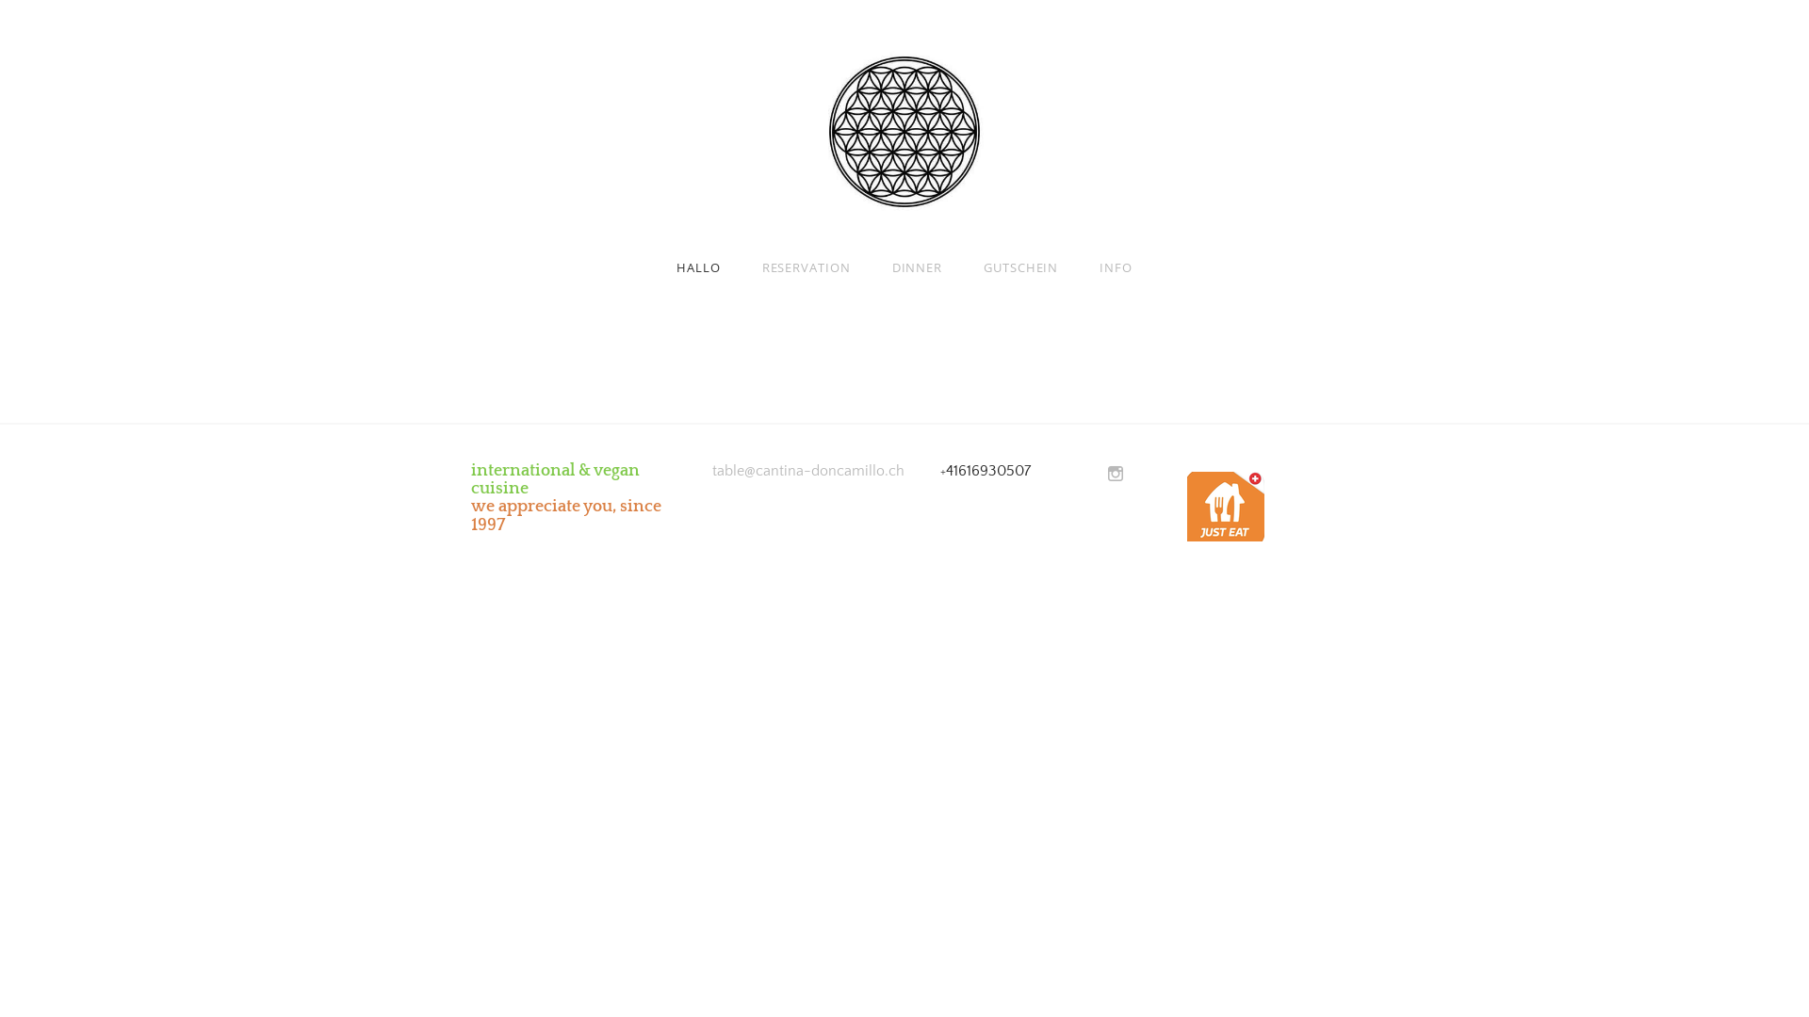  What do you see at coordinates (808, 471) in the screenshot?
I see `'table@cantina-doncamillo.ch'` at bounding box center [808, 471].